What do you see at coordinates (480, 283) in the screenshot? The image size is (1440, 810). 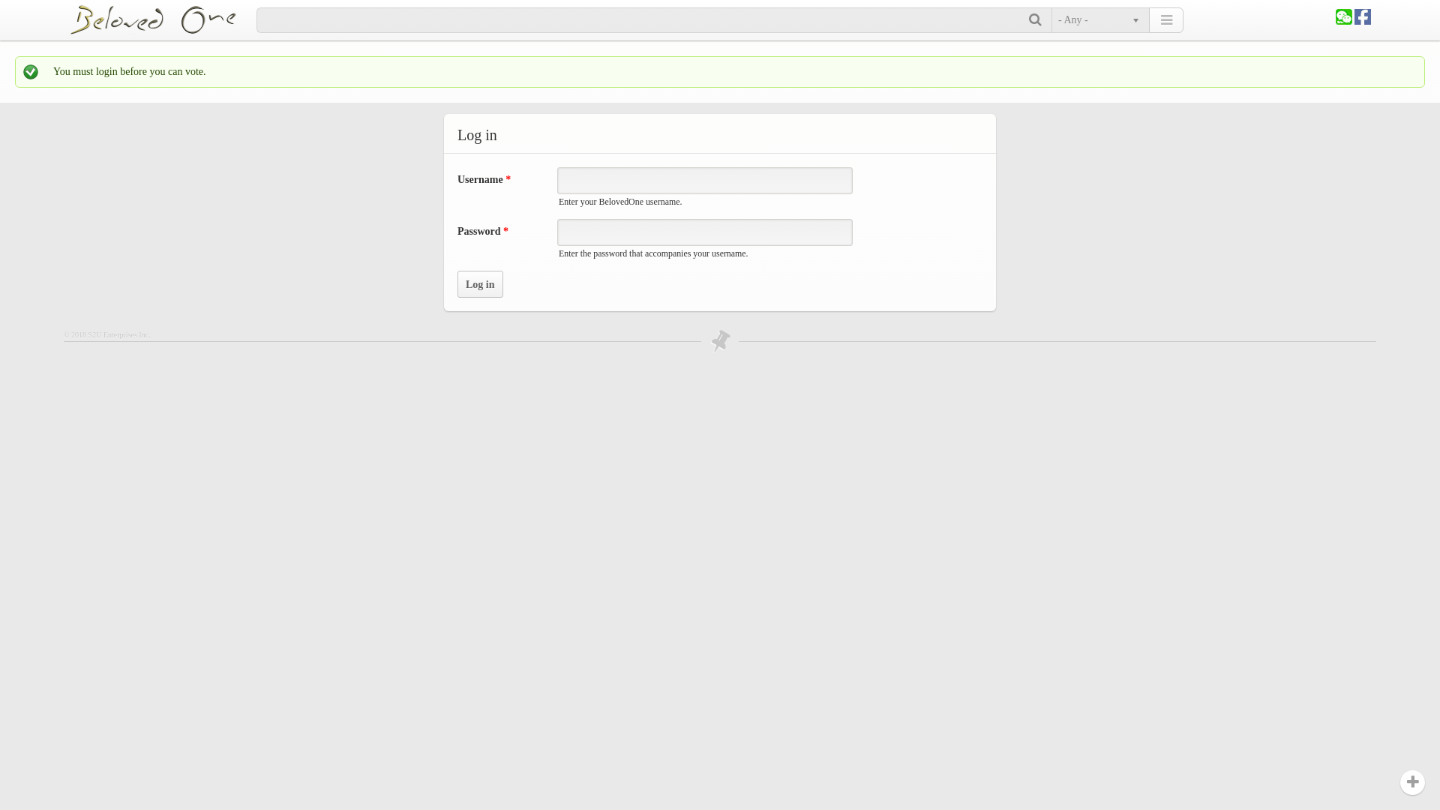 I see `'Log in'` at bounding box center [480, 283].